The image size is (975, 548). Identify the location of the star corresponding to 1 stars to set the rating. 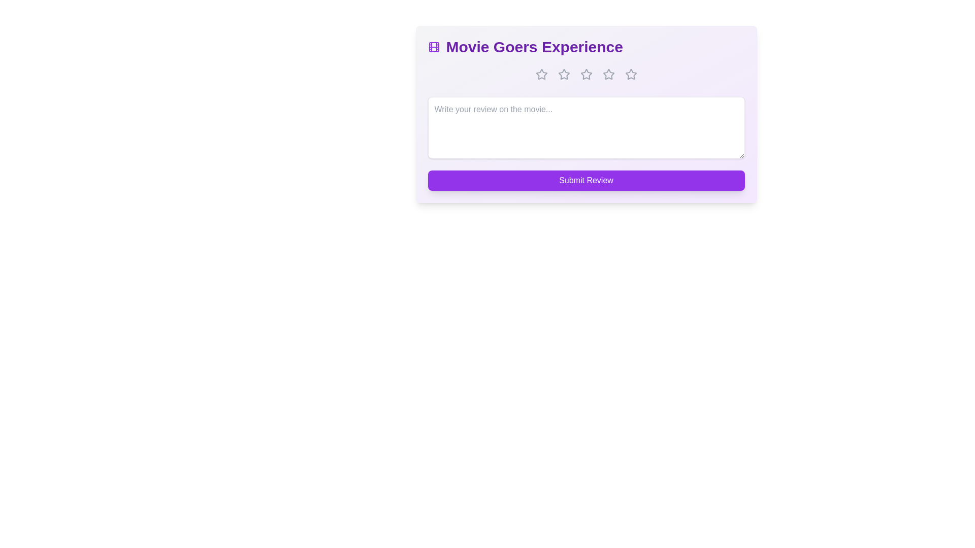
(541, 74).